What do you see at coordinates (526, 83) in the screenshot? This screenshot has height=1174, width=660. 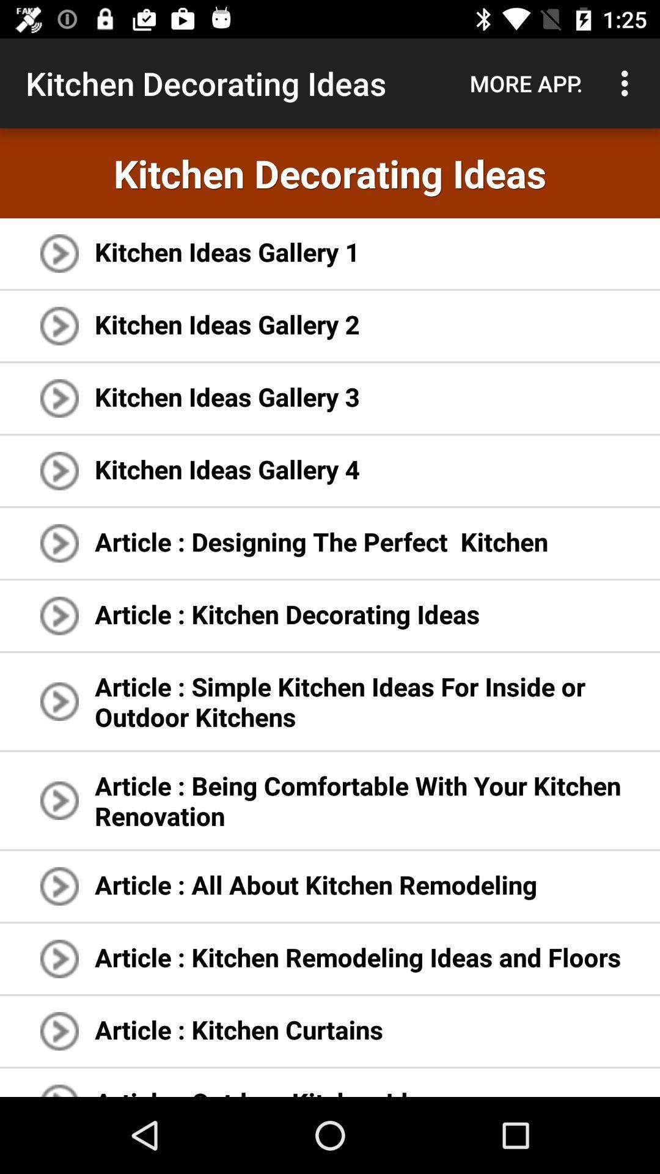 I see `item next to kitchen decorating ideas item` at bounding box center [526, 83].